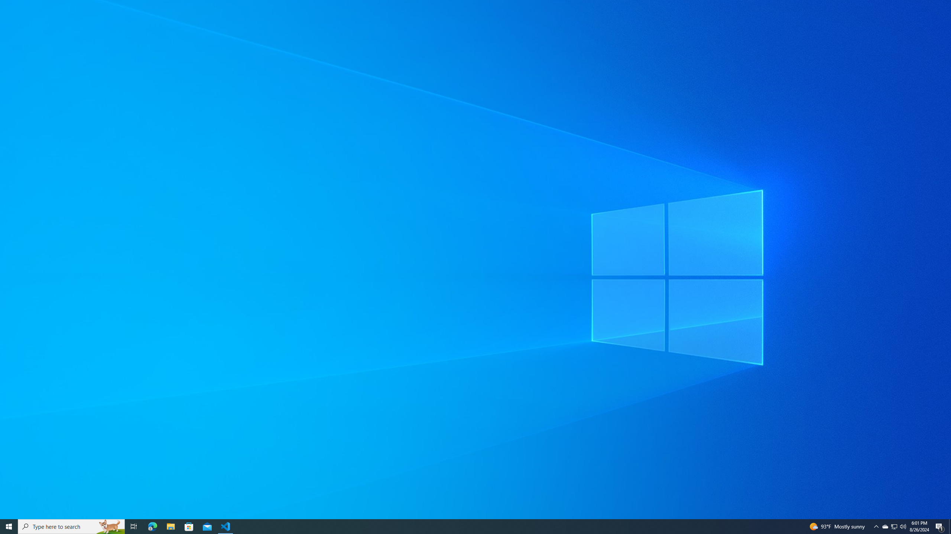 The image size is (951, 534). I want to click on 'Q2790: 100%', so click(902, 526).